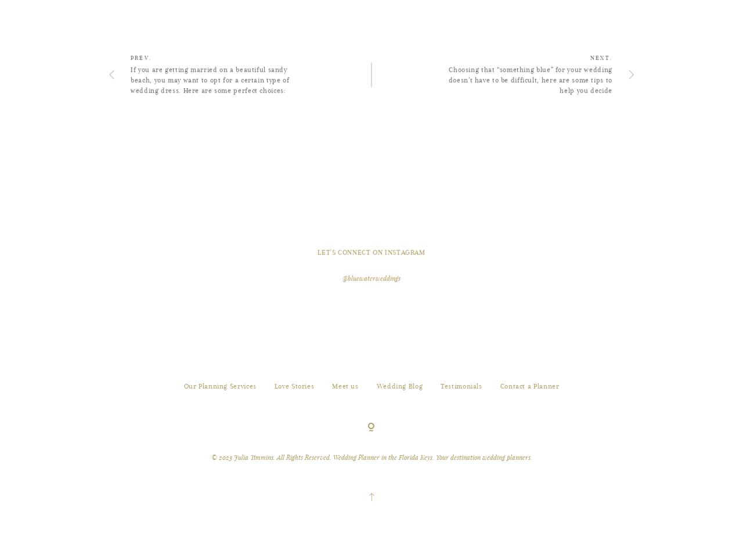  Describe the element at coordinates (601, 117) in the screenshot. I see `'NEXT.'` at that location.